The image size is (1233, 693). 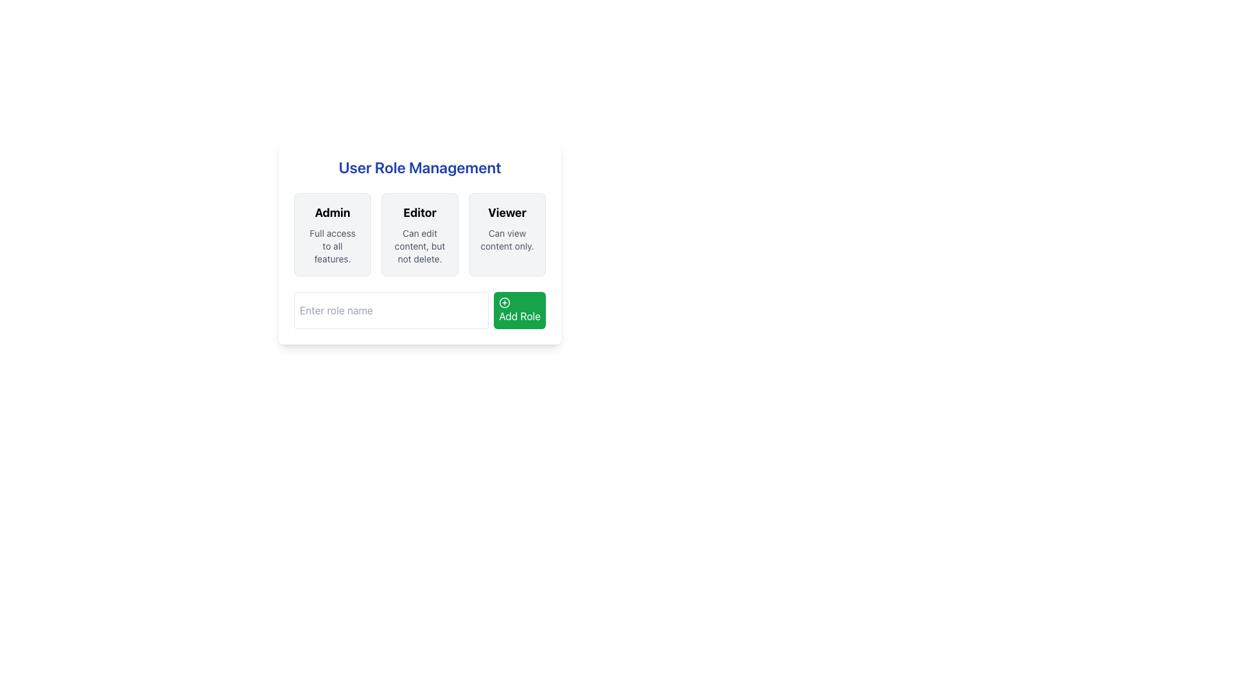 I want to click on the text label stating 'Can edit content, but not delete.' which is styled in light gray and appears below the title 'Editor' in the User Role Management interface, so click(x=419, y=246).